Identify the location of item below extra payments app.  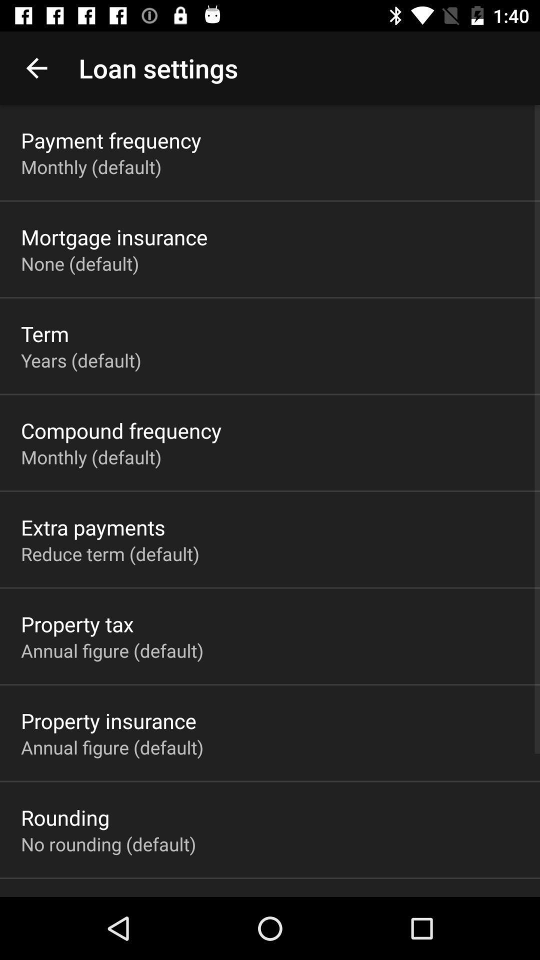
(110, 553).